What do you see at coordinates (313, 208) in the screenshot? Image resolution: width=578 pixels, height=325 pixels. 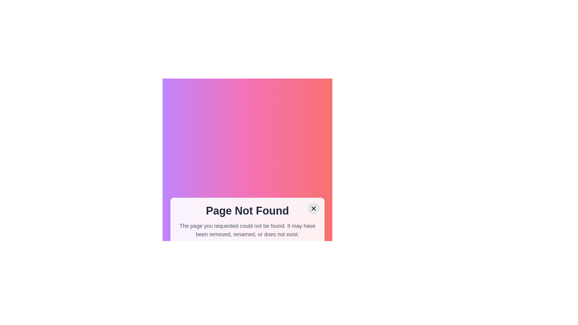 I see `the close button located in the top-right corner of the modal containing the 'Page Not Found' message` at bounding box center [313, 208].